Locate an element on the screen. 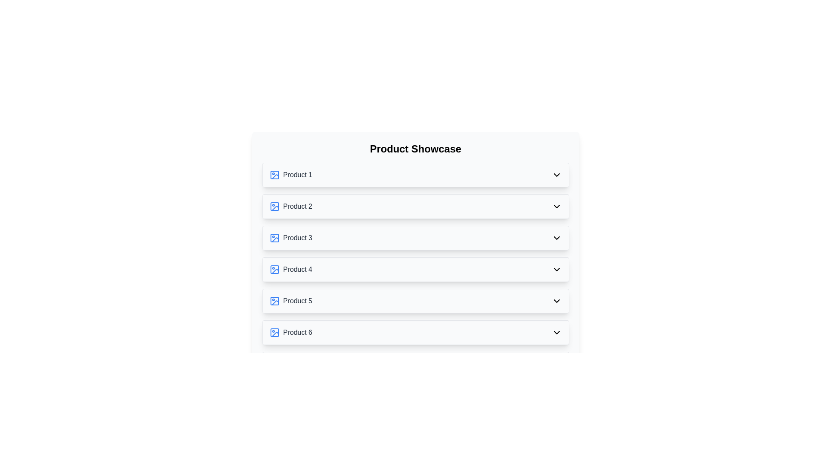 This screenshot has height=460, width=818. the image icon next to the product titled Product 4 is located at coordinates (274, 269).